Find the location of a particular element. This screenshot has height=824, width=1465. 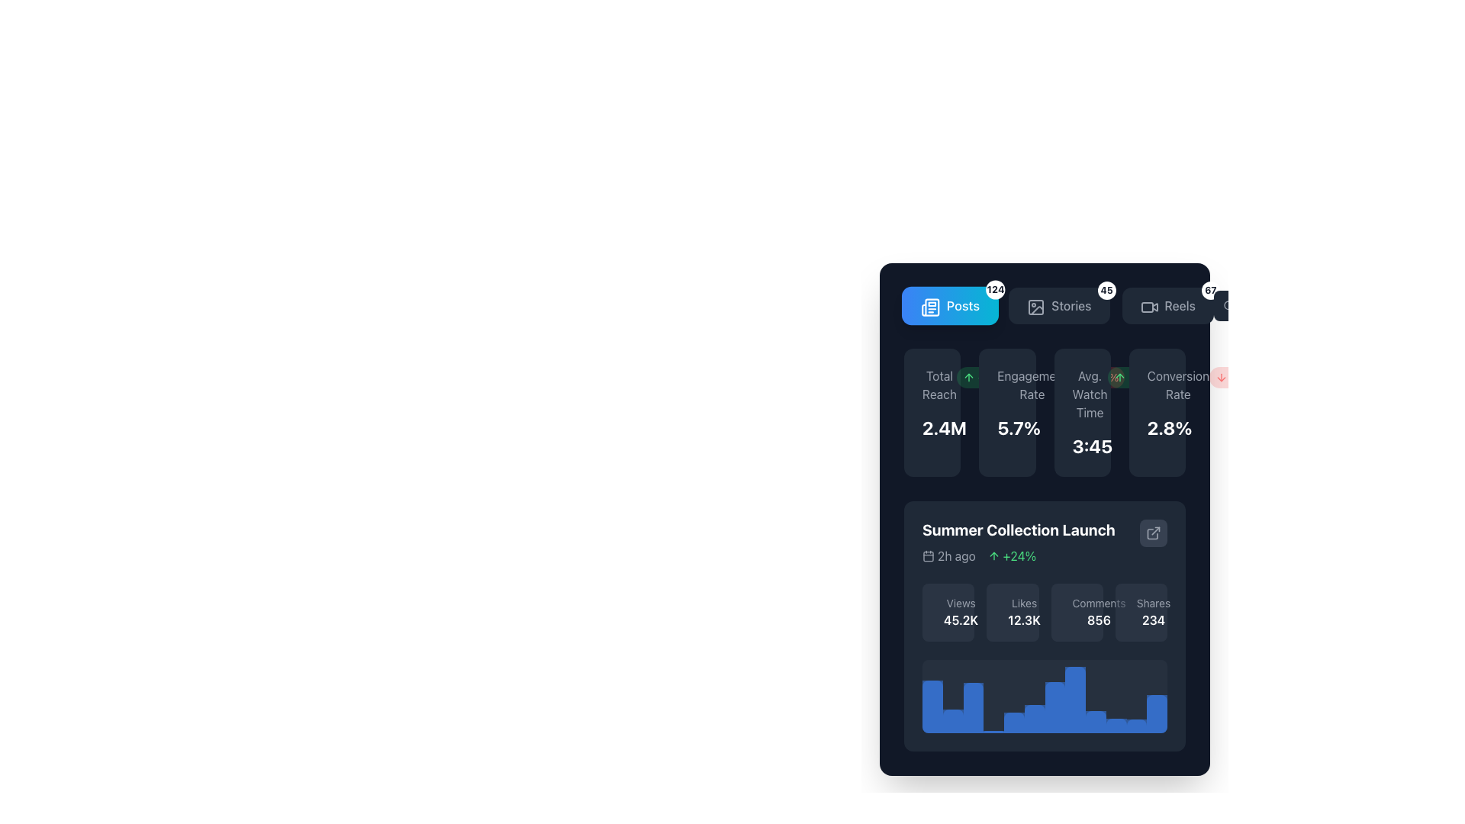

the fourth vertical histogram bar, which is a narrow bar with a rounded top filled with semi-transparent blue, located at the bottom of the interface is located at coordinates (993, 731).